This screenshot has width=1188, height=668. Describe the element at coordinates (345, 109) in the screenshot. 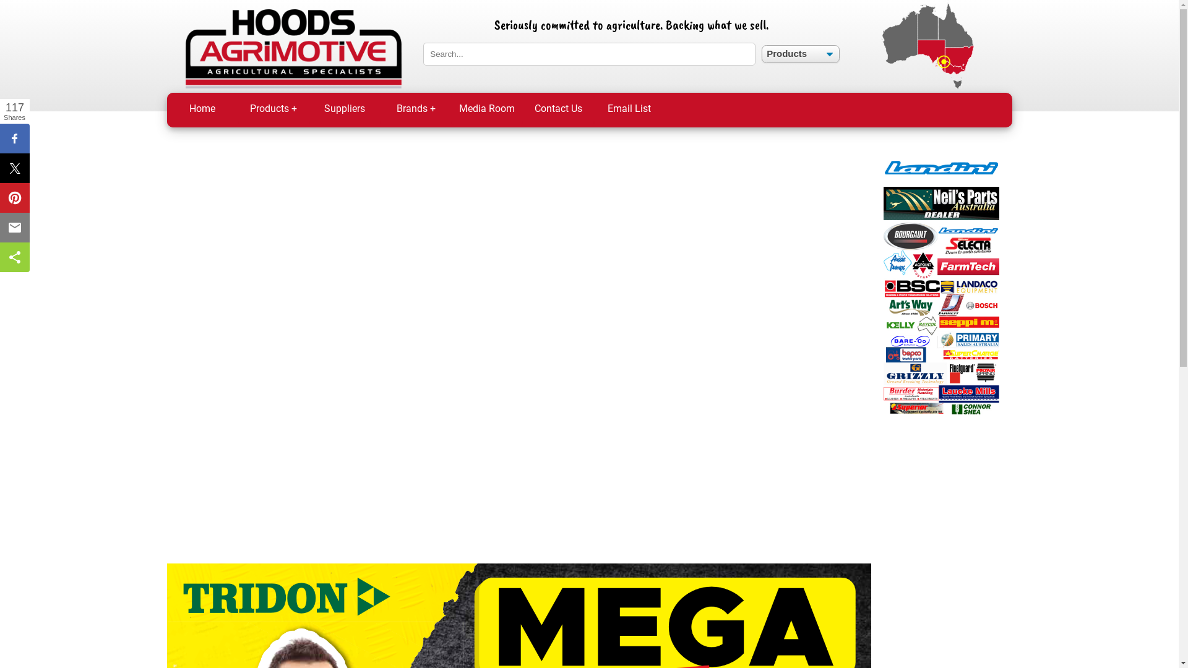

I see `'Suppliers'` at that location.